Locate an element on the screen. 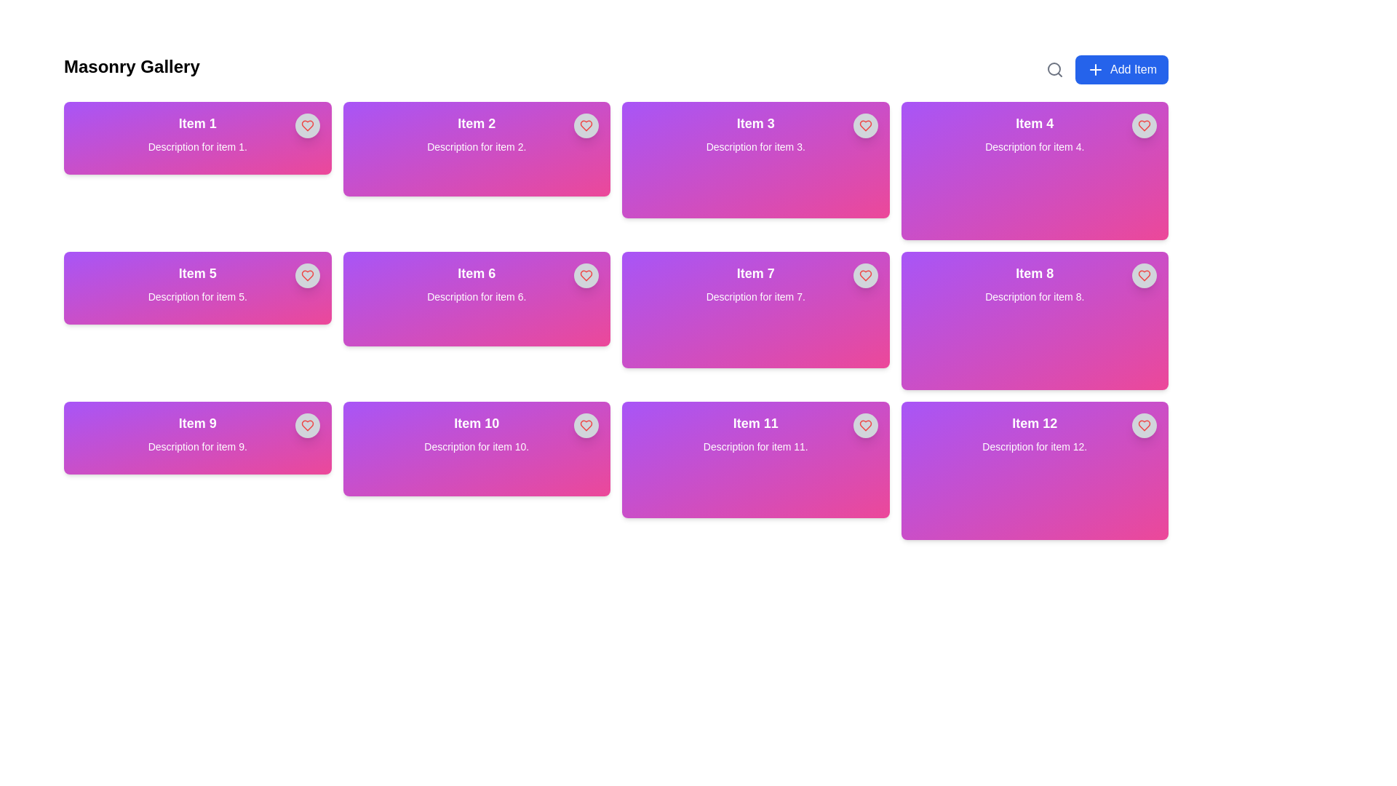  the title 'Item 2' on the interactive card with a gradient background and a heart button is located at coordinates (476, 148).